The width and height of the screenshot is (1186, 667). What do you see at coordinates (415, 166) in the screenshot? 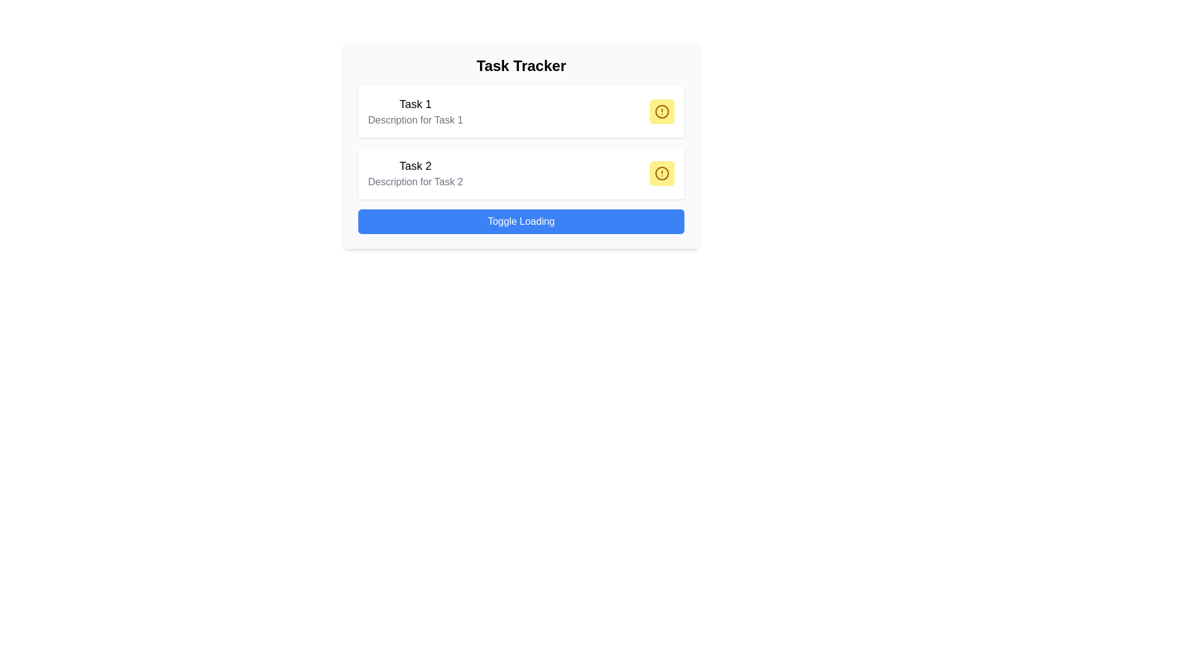
I see `the Text label that serves as the title for the second task entry in the 'Task Tracker' section, located above 'Description for Task 2.'` at bounding box center [415, 166].